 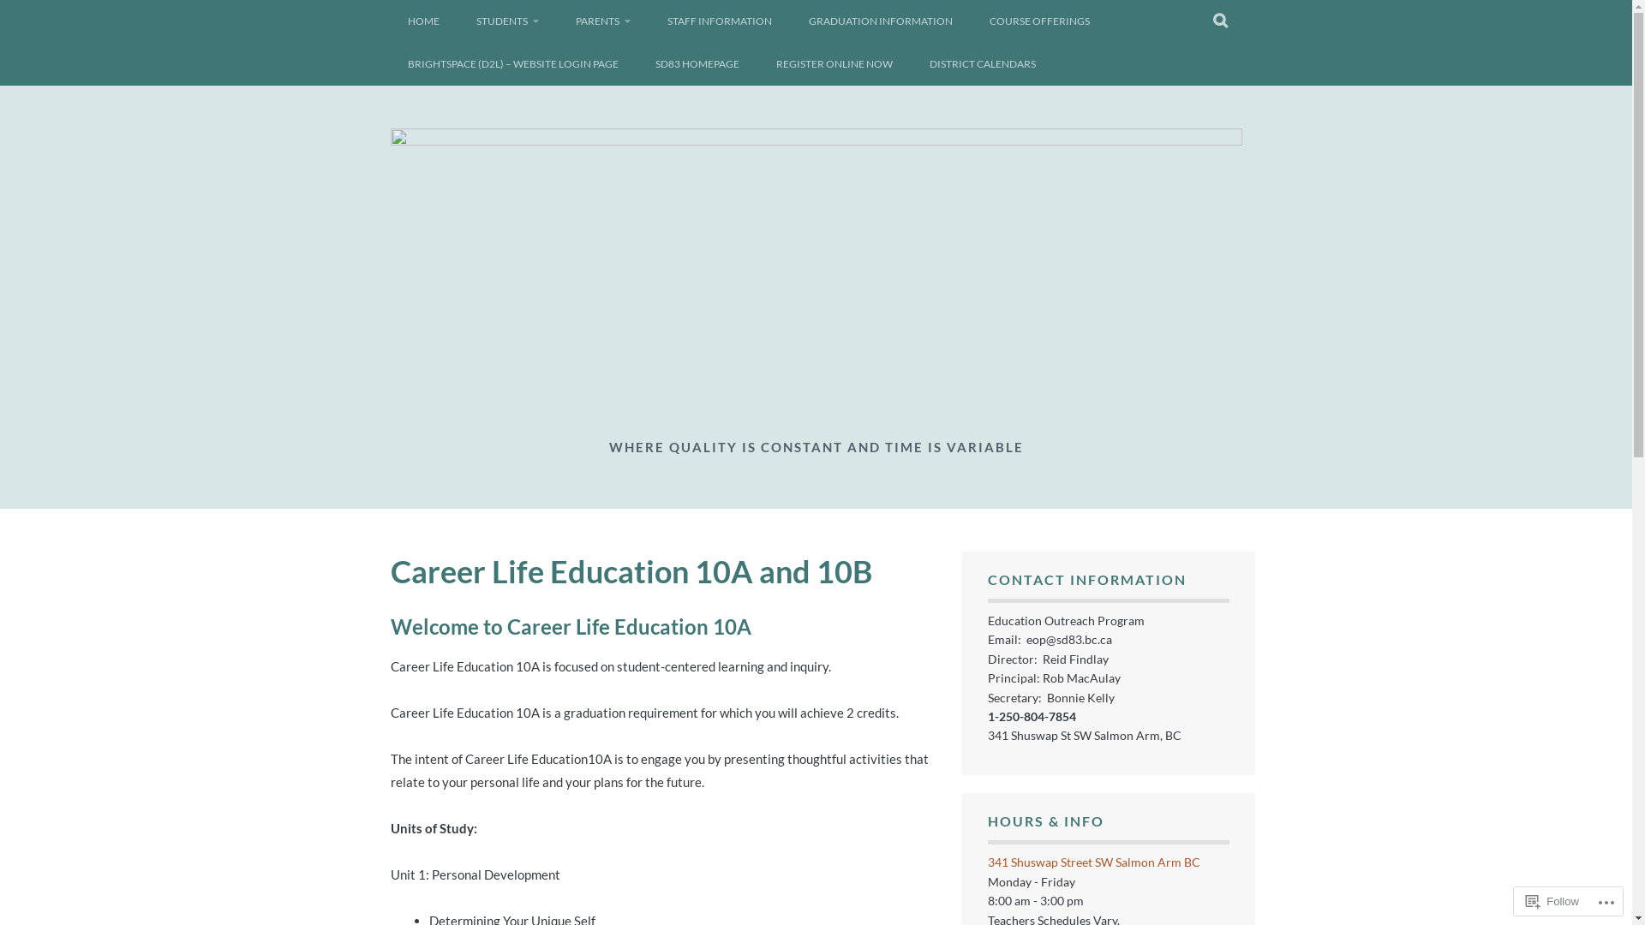 What do you see at coordinates (880, 21) in the screenshot?
I see `'GRADUATION INFORMATION'` at bounding box center [880, 21].